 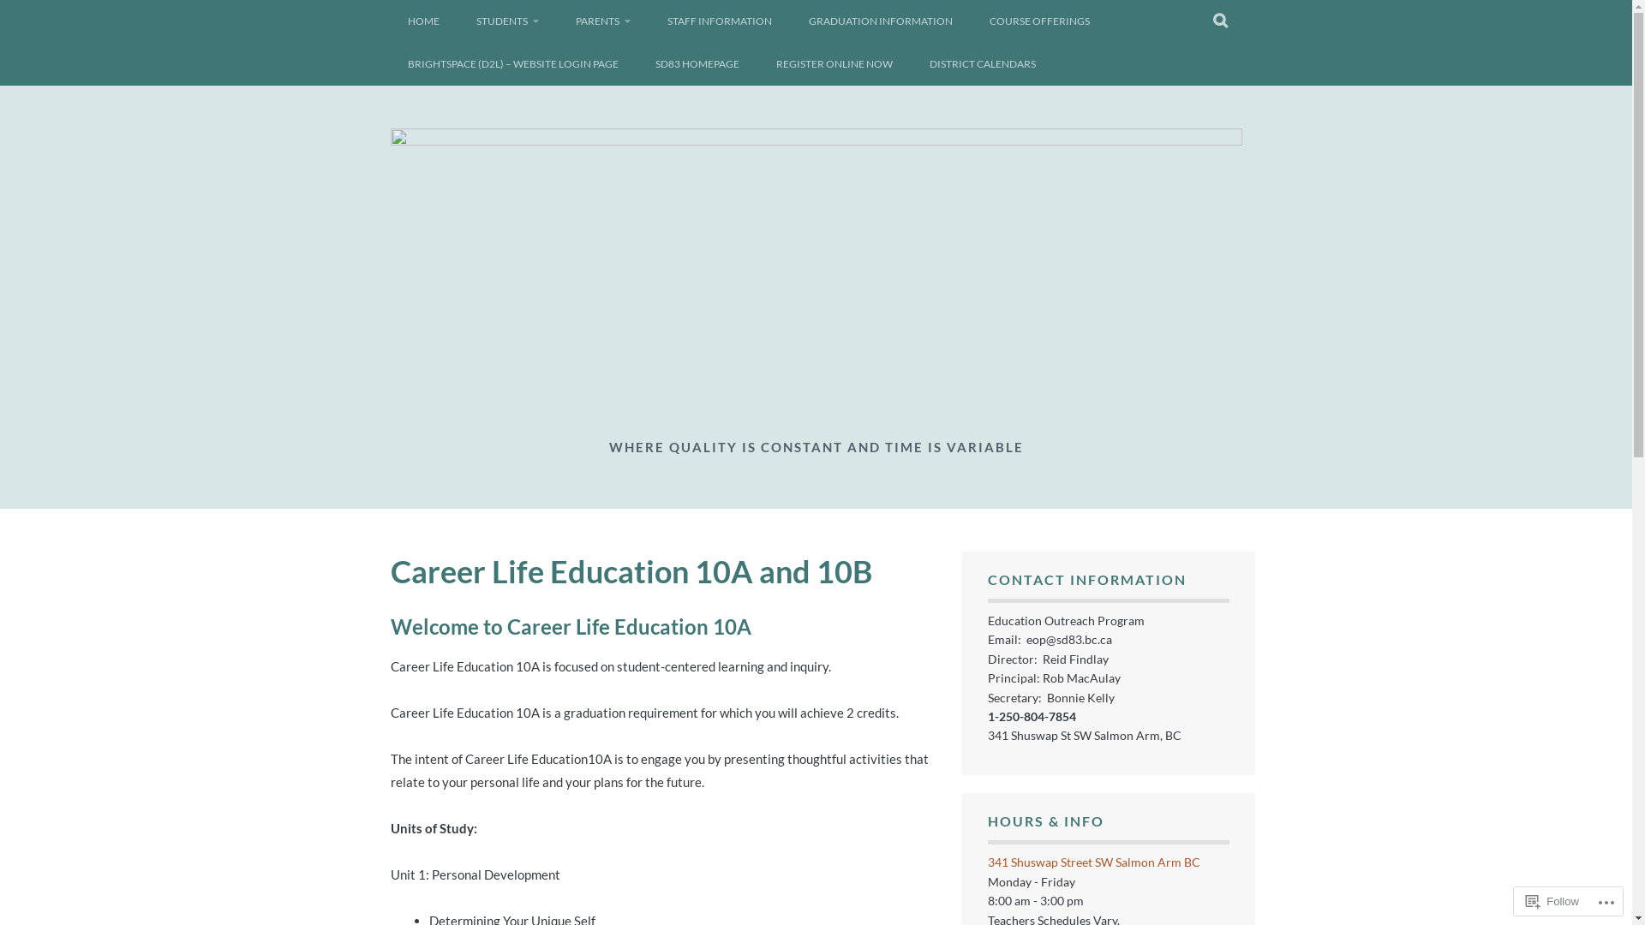 What do you see at coordinates (880, 21) in the screenshot?
I see `'GRADUATION INFORMATION'` at bounding box center [880, 21].